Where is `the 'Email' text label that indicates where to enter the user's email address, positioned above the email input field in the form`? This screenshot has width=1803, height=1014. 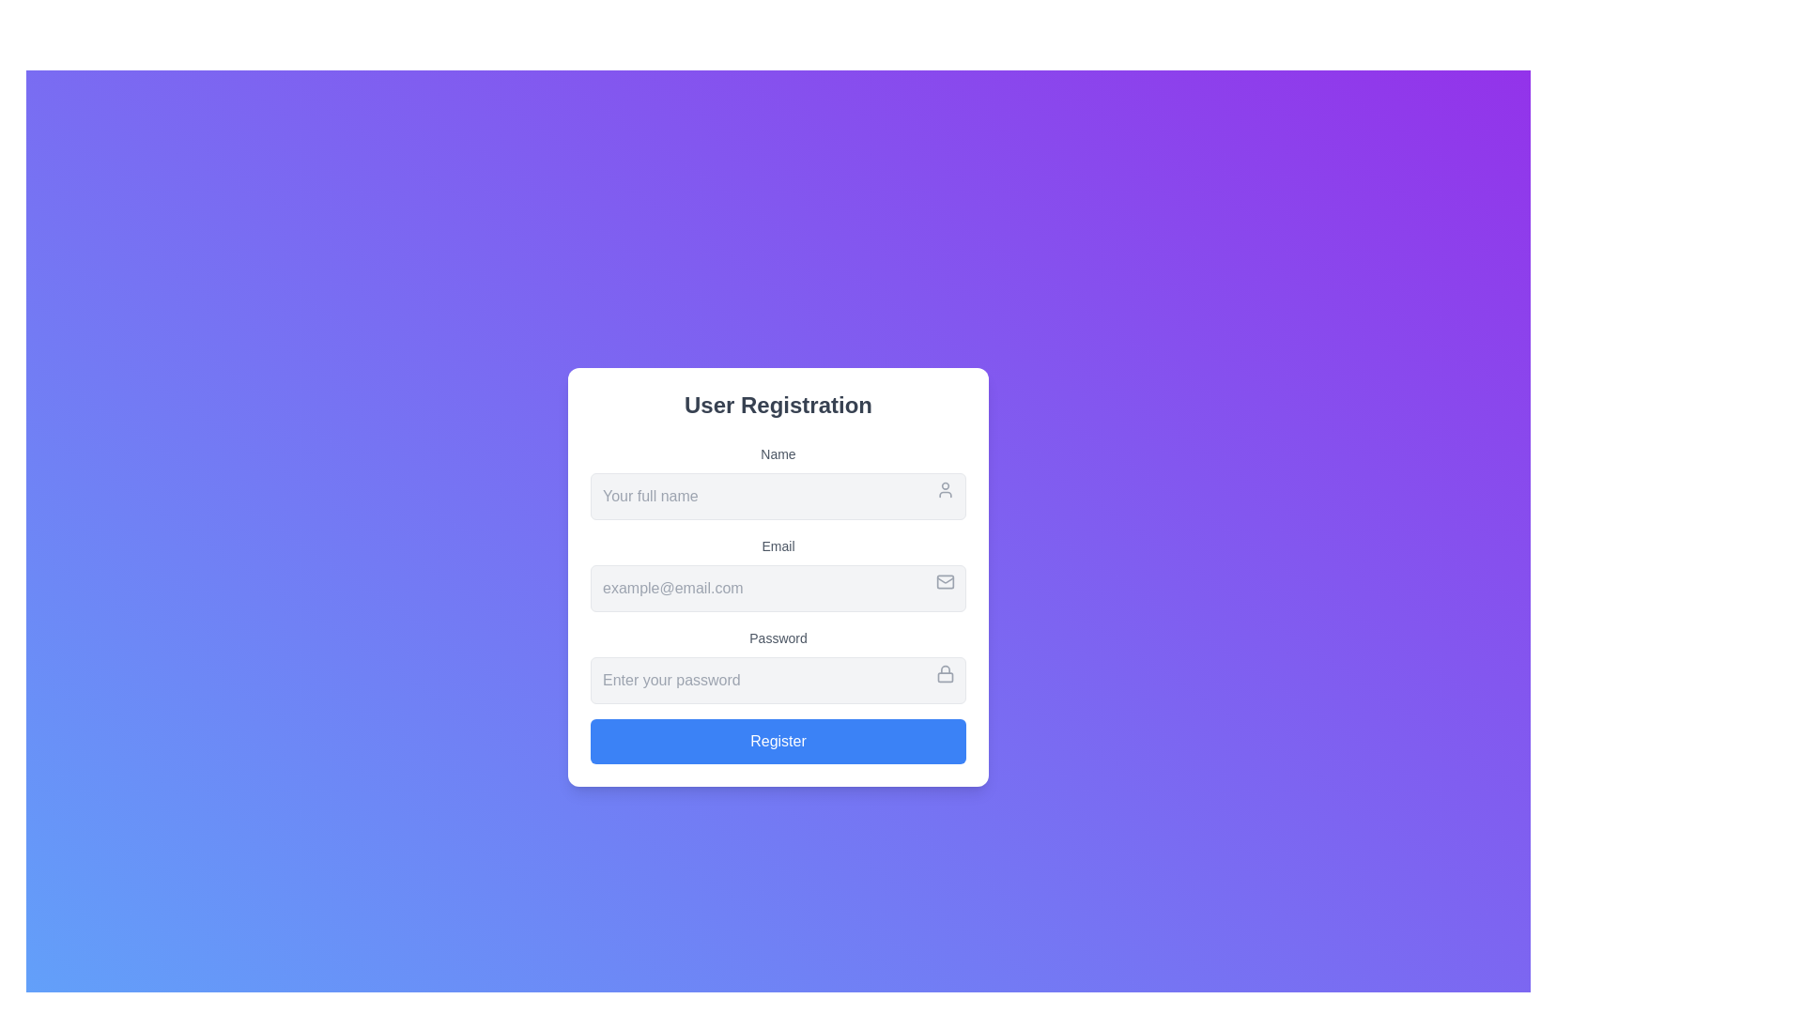 the 'Email' text label that indicates where to enter the user's email address, positioned above the email input field in the form is located at coordinates (778, 546).